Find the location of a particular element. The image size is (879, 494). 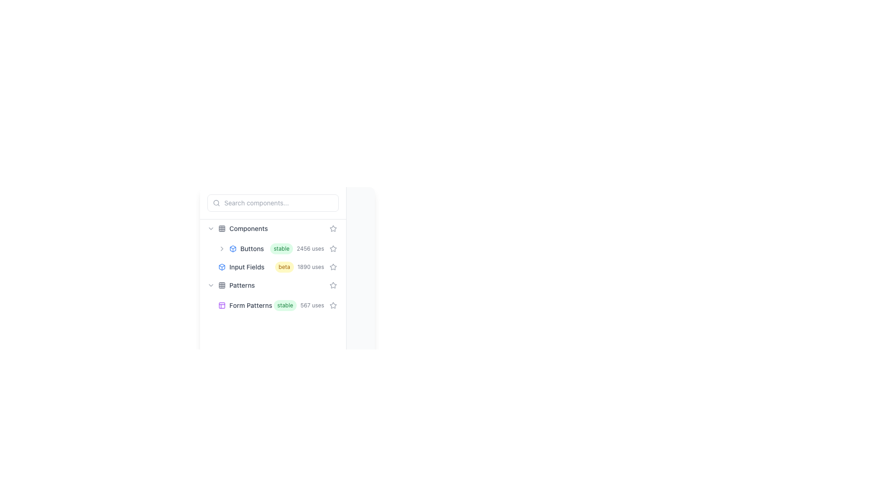

the 'Patterns' text label, which is the third item in the 'Components' section of the navigation list is located at coordinates (242, 285).